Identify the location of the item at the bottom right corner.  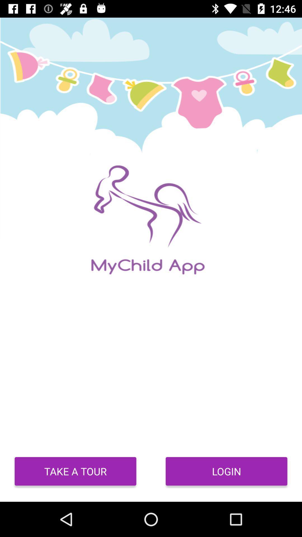
(226, 471).